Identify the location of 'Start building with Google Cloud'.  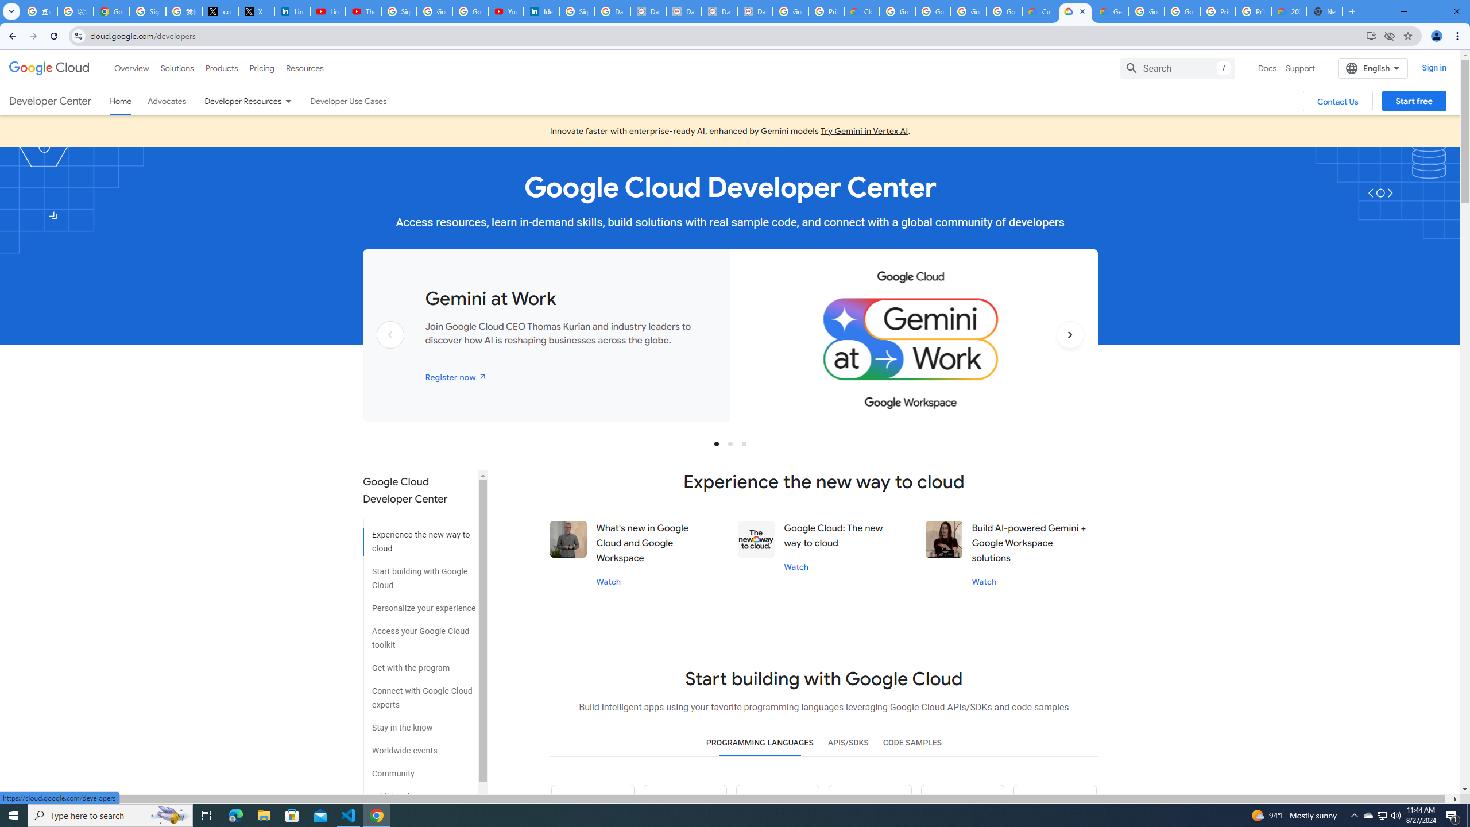
(419, 574).